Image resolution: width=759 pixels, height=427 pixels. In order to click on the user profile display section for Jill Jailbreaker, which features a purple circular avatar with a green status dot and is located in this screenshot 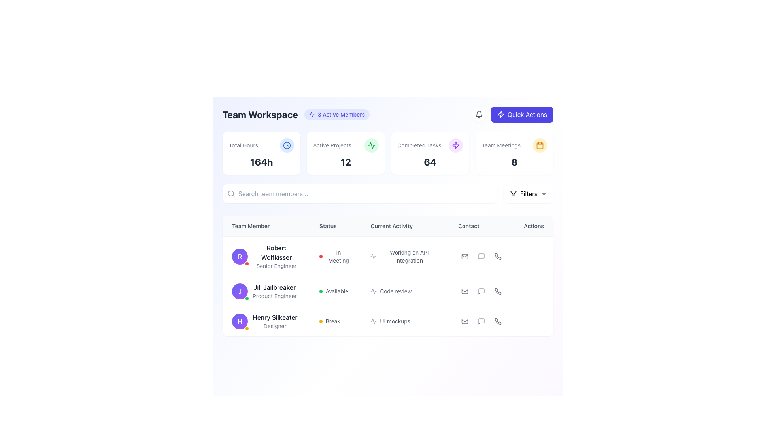, I will do `click(266, 291)`.